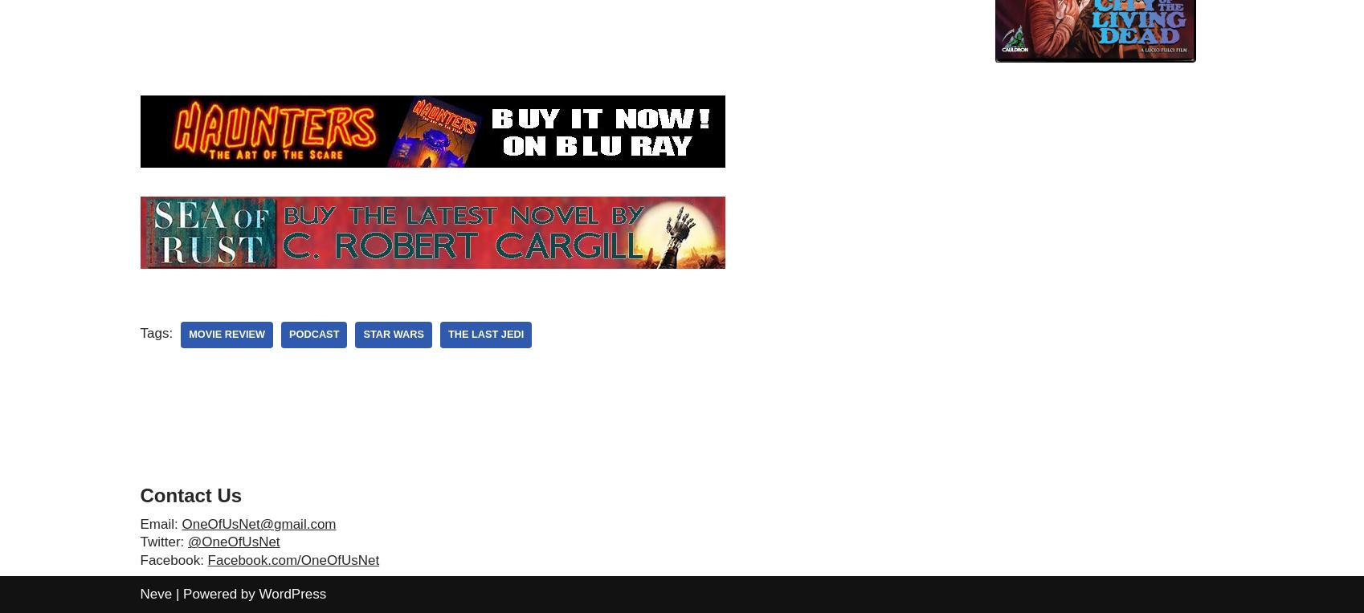 The height and width of the screenshot is (613, 1364). What do you see at coordinates (314, 333) in the screenshot?
I see `'podcast'` at bounding box center [314, 333].